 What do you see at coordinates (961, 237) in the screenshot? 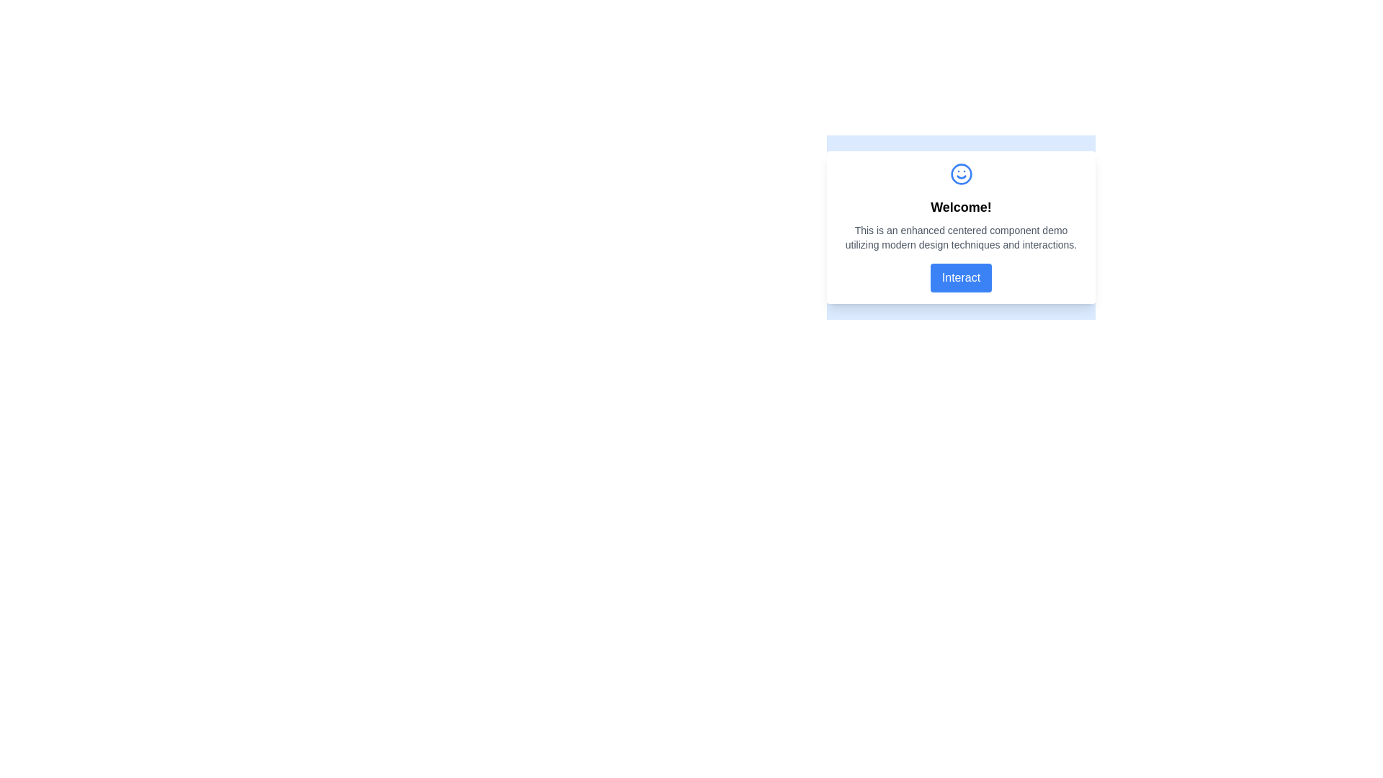
I see `the static text element that contains the paragraph 'This is an enhanced centered component demo utilizing modern design techniques and interactions.' which is positioned below the 'Welcome!' heading and above the 'Interact' button` at bounding box center [961, 237].